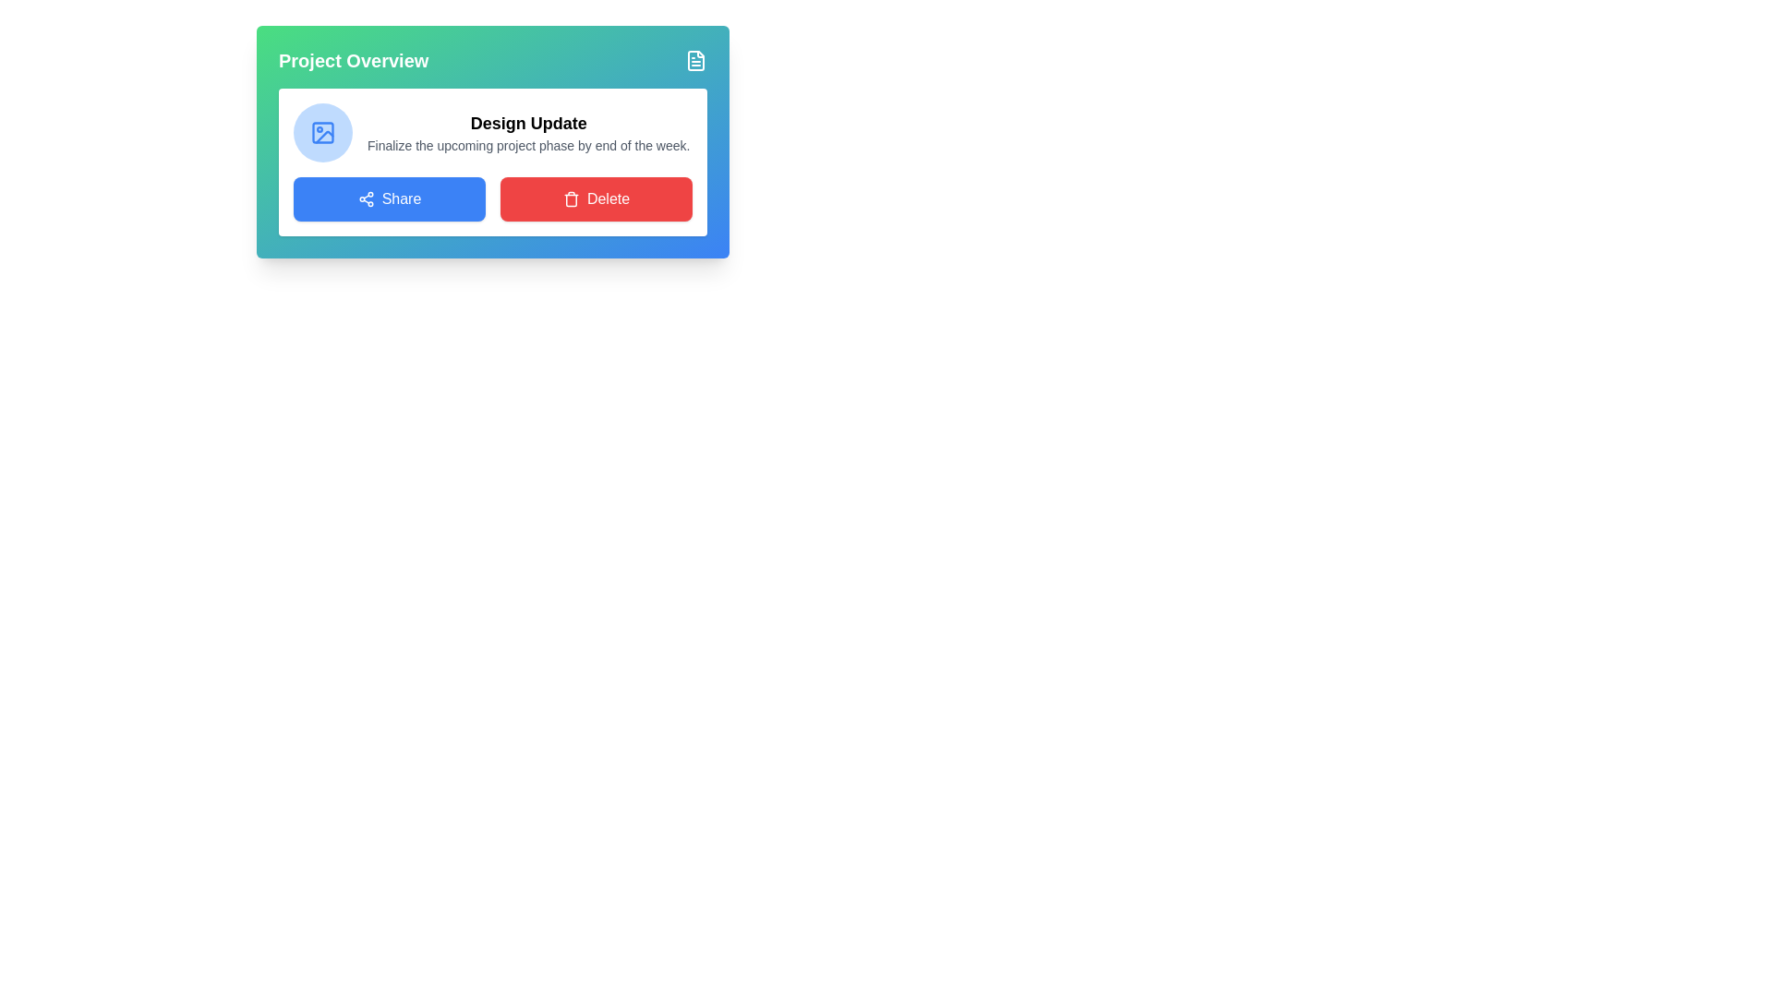 The image size is (1773, 997). Describe the element at coordinates (527, 131) in the screenshot. I see `the text block containing 'Design Update' and 'Finalize the upcoming project phase by end of the week', which is centered within a card layout` at that location.